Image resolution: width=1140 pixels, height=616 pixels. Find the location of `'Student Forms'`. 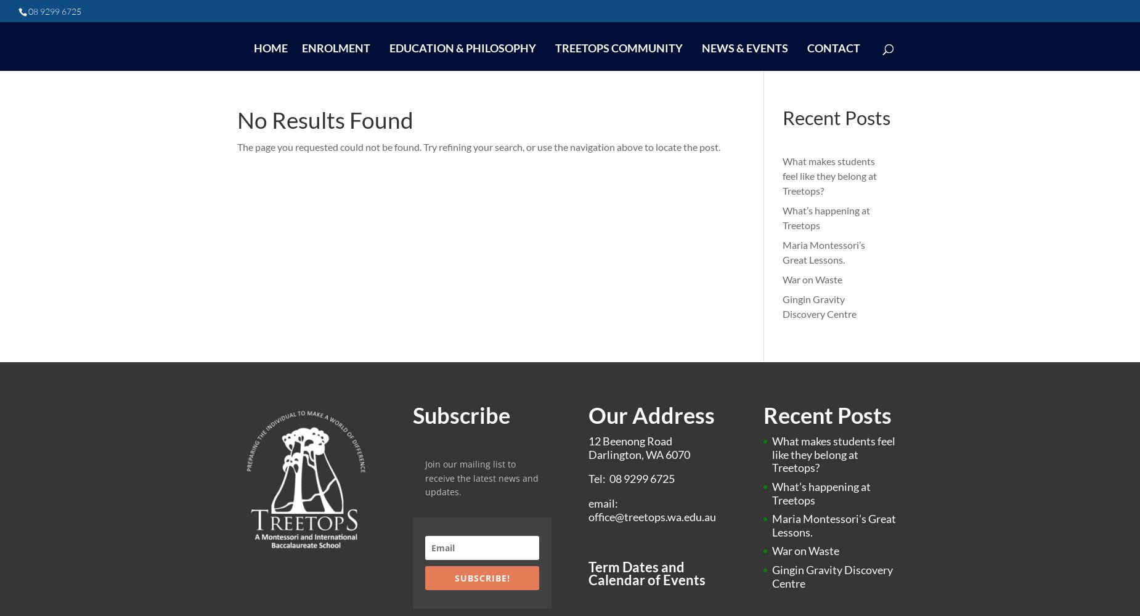

'Student Forms' is located at coordinates (598, 213).